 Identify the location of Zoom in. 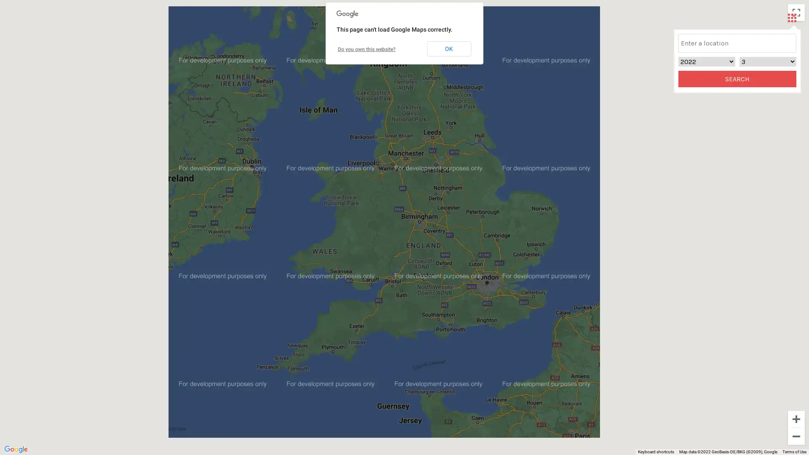
(796, 419).